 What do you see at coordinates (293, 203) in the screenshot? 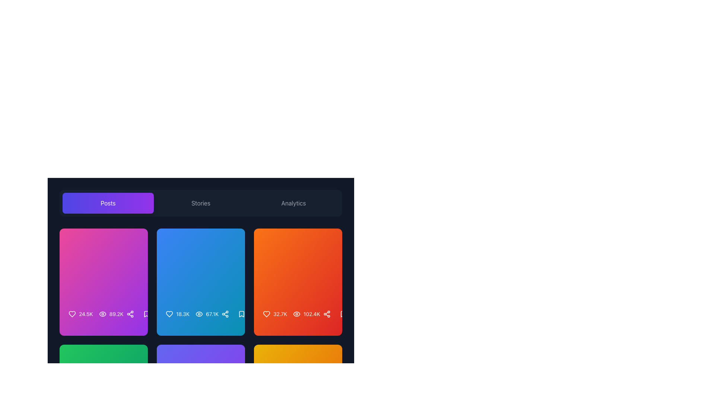
I see `the third button from the left in a horizontal group of three buttons, located to the right of the 'Stories' and 'Posts' buttons` at bounding box center [293, 203].